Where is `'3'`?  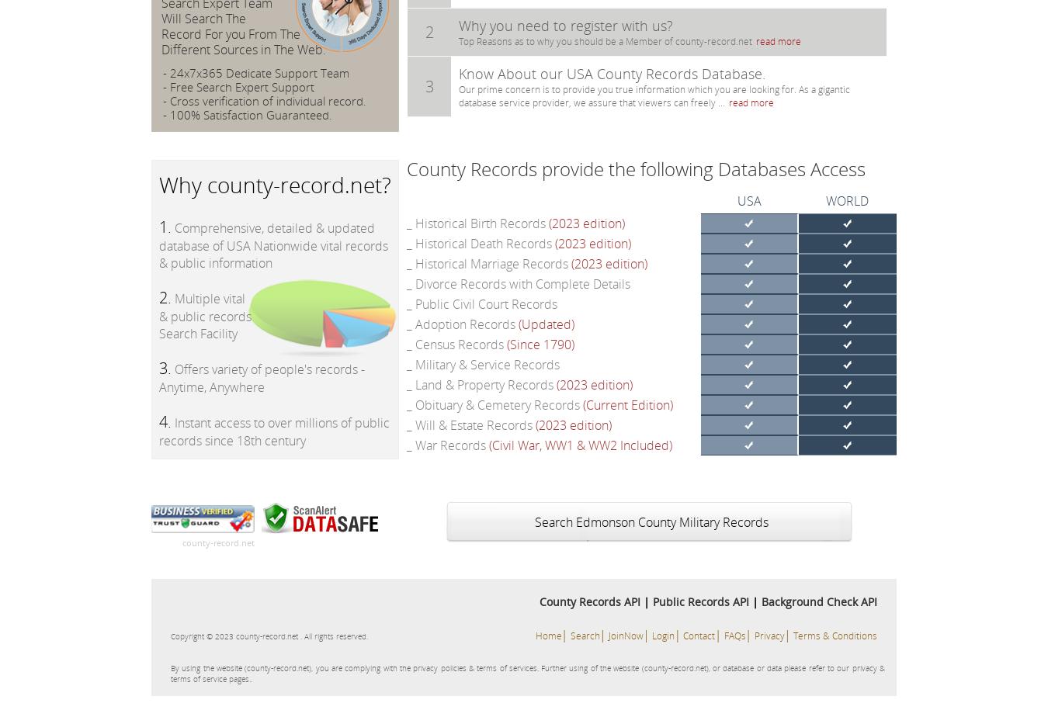
'3' is located at coordinates (428, 86).